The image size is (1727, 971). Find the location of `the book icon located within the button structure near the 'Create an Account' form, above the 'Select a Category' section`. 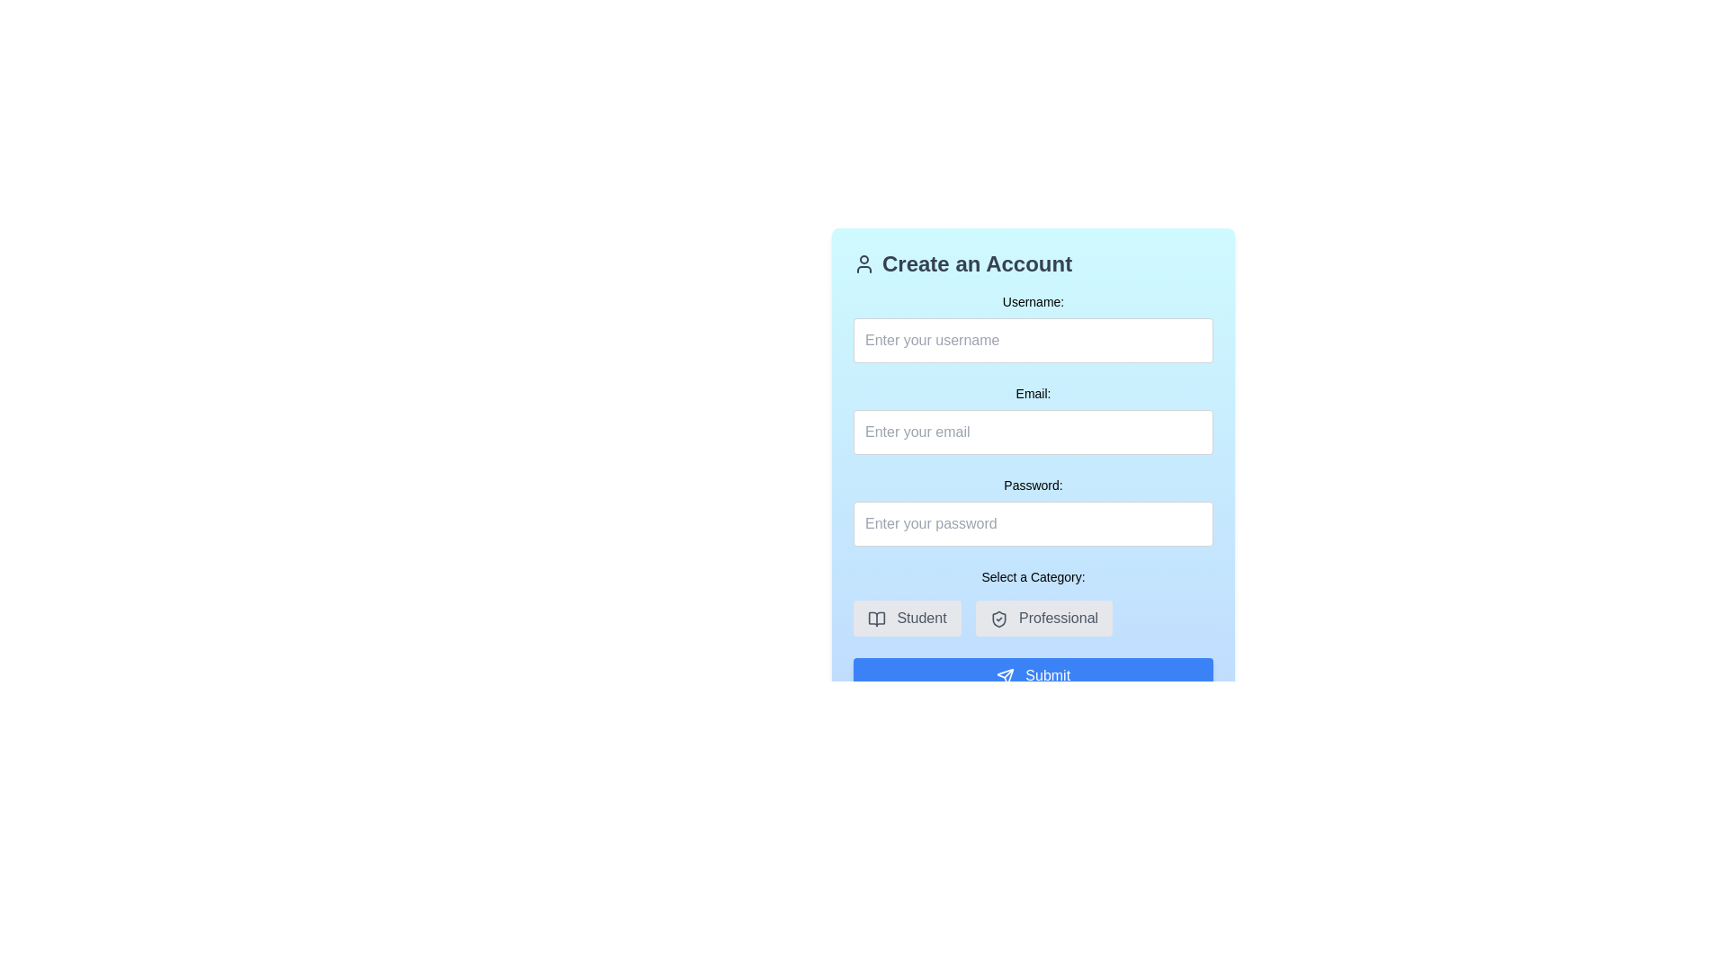

the book icon located within the button structure near the 'Create an Account' form, above the 'Select a Category' section is located at coordinates (876, 617).